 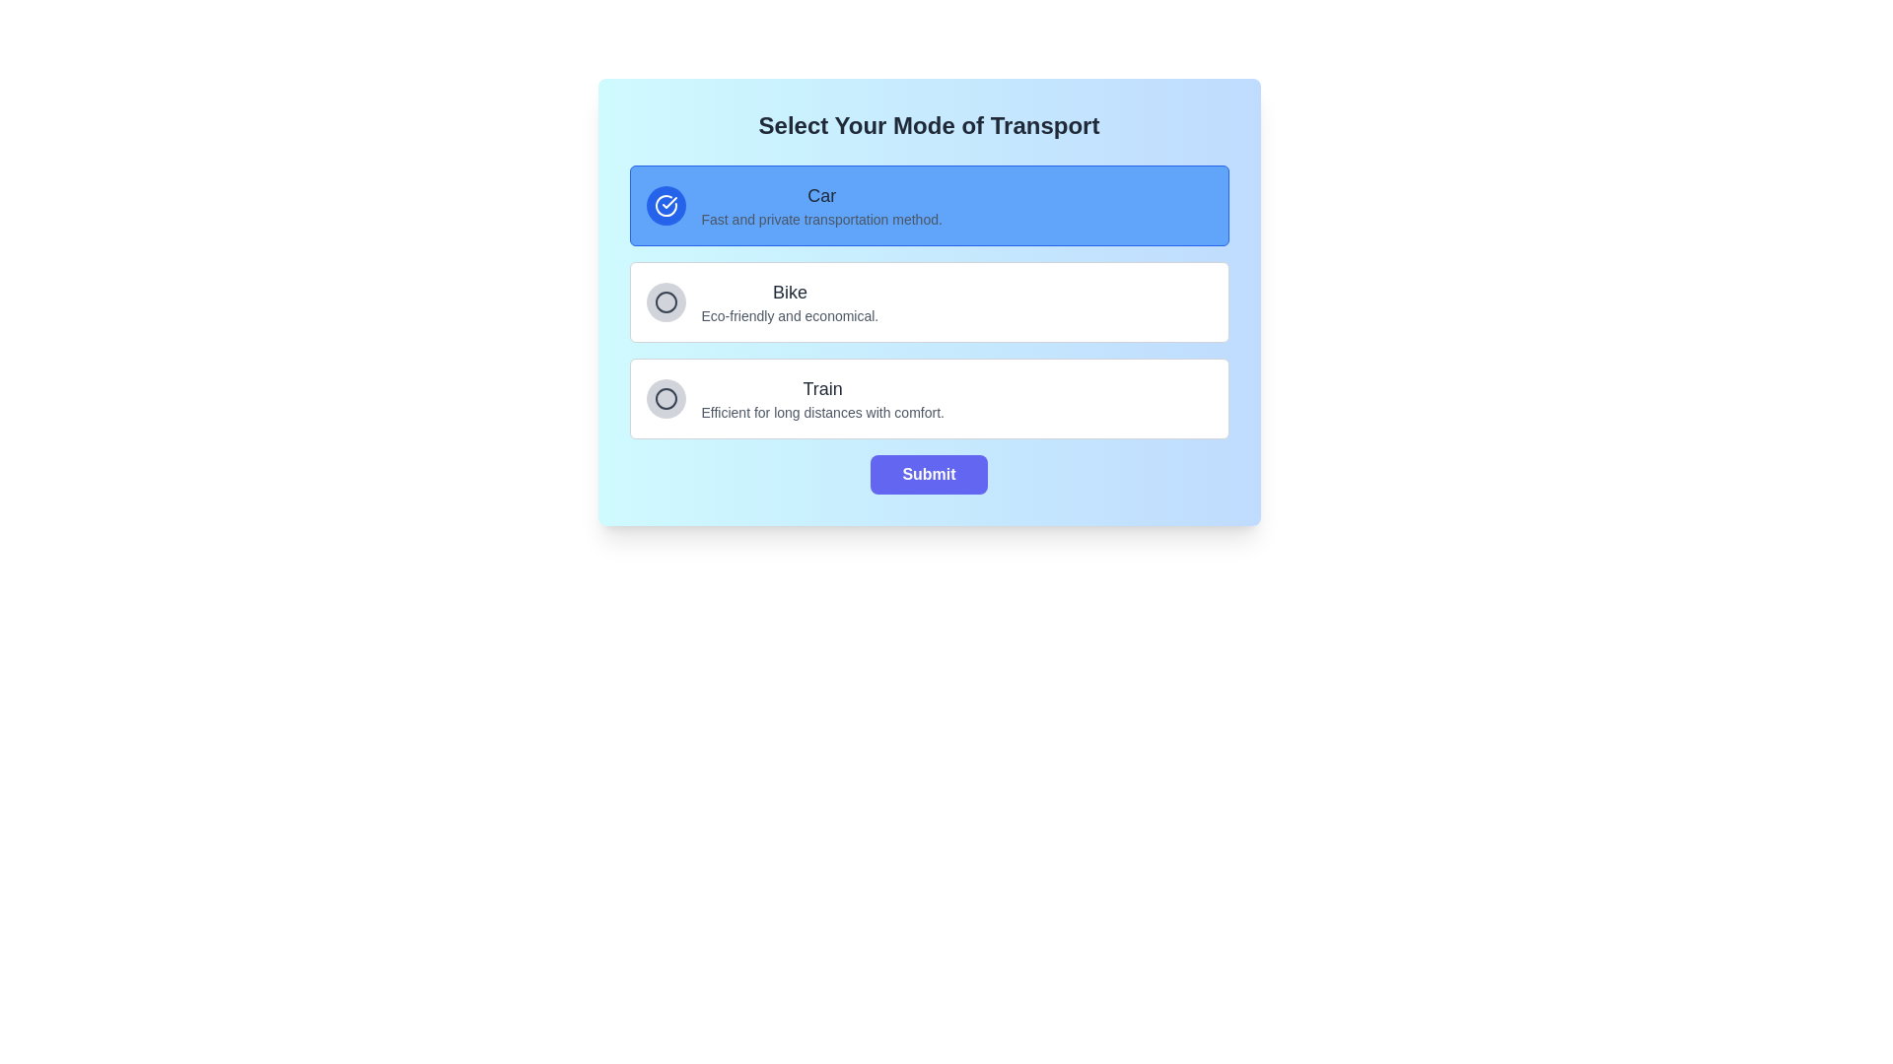 I want to click on the 'Train' label, which is a prominent text element in dark gray, serving as the header for the third transport option in the list, so click(x=822, y=388).